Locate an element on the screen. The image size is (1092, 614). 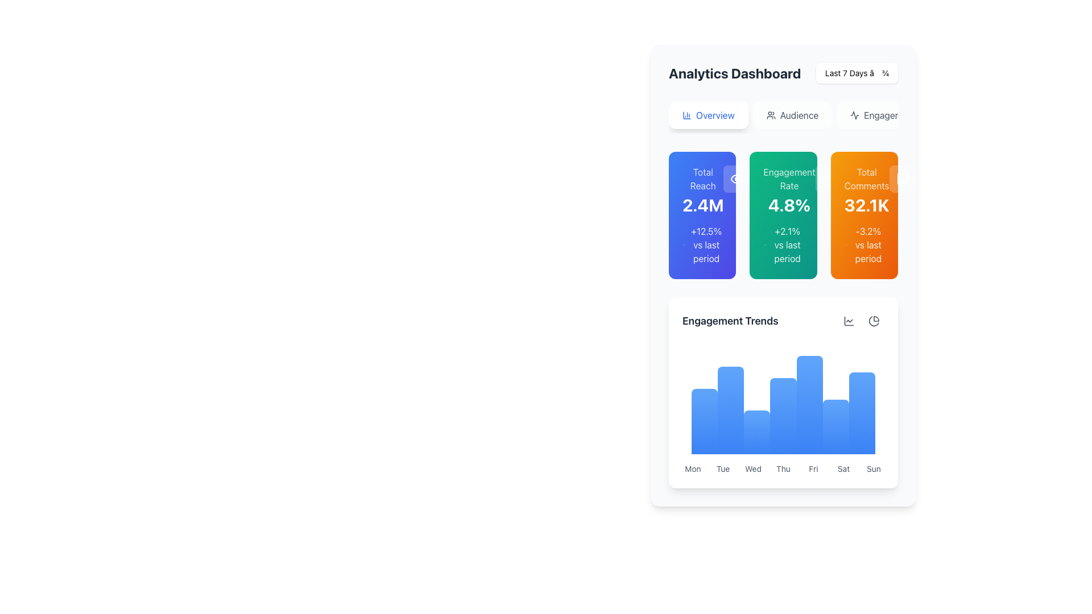
the third navigation button under 'Analytics Dashboard' is located at coordinates (882, 115).